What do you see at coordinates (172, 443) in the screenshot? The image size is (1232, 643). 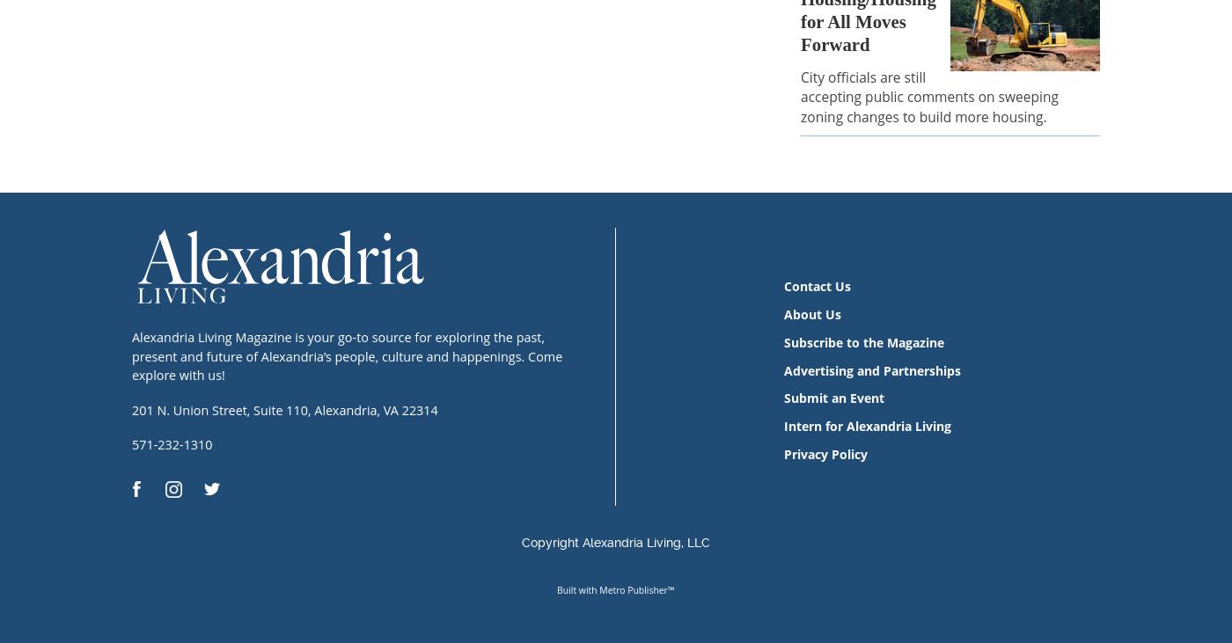 I see `'571-232-1310'` at bounding box center [172, 443].